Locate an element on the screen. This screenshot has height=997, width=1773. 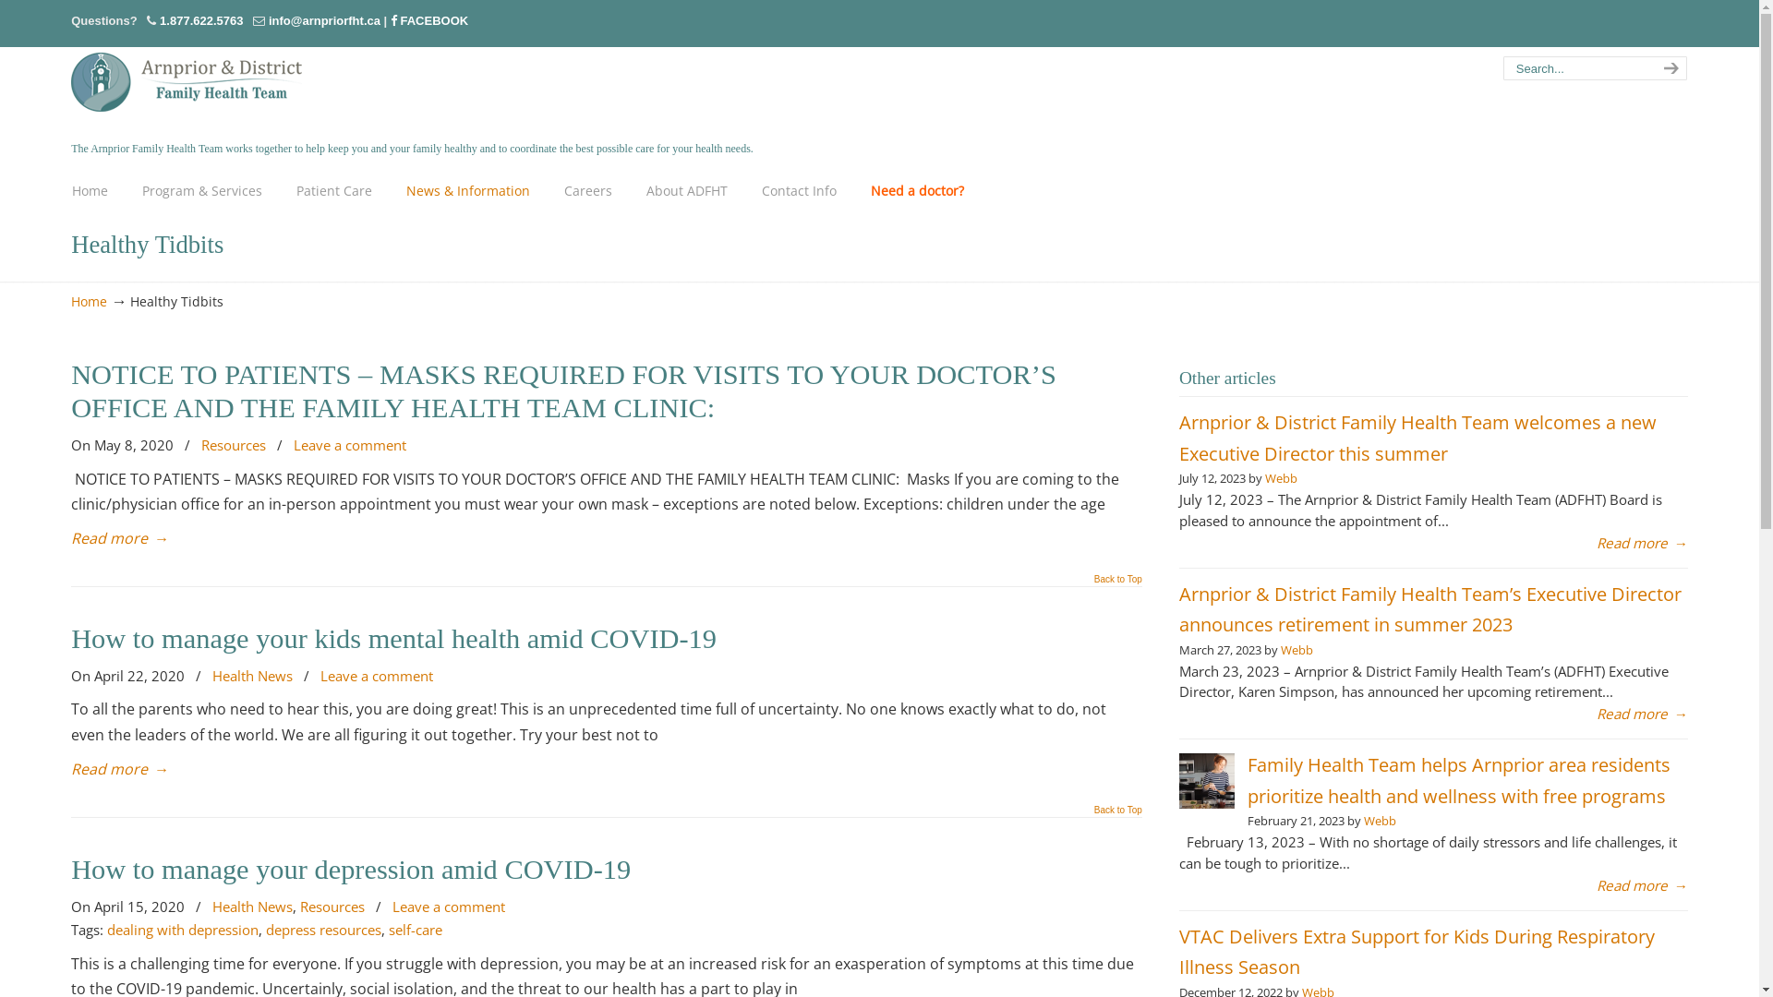
'Health News' is located at coordinates (251, 676).